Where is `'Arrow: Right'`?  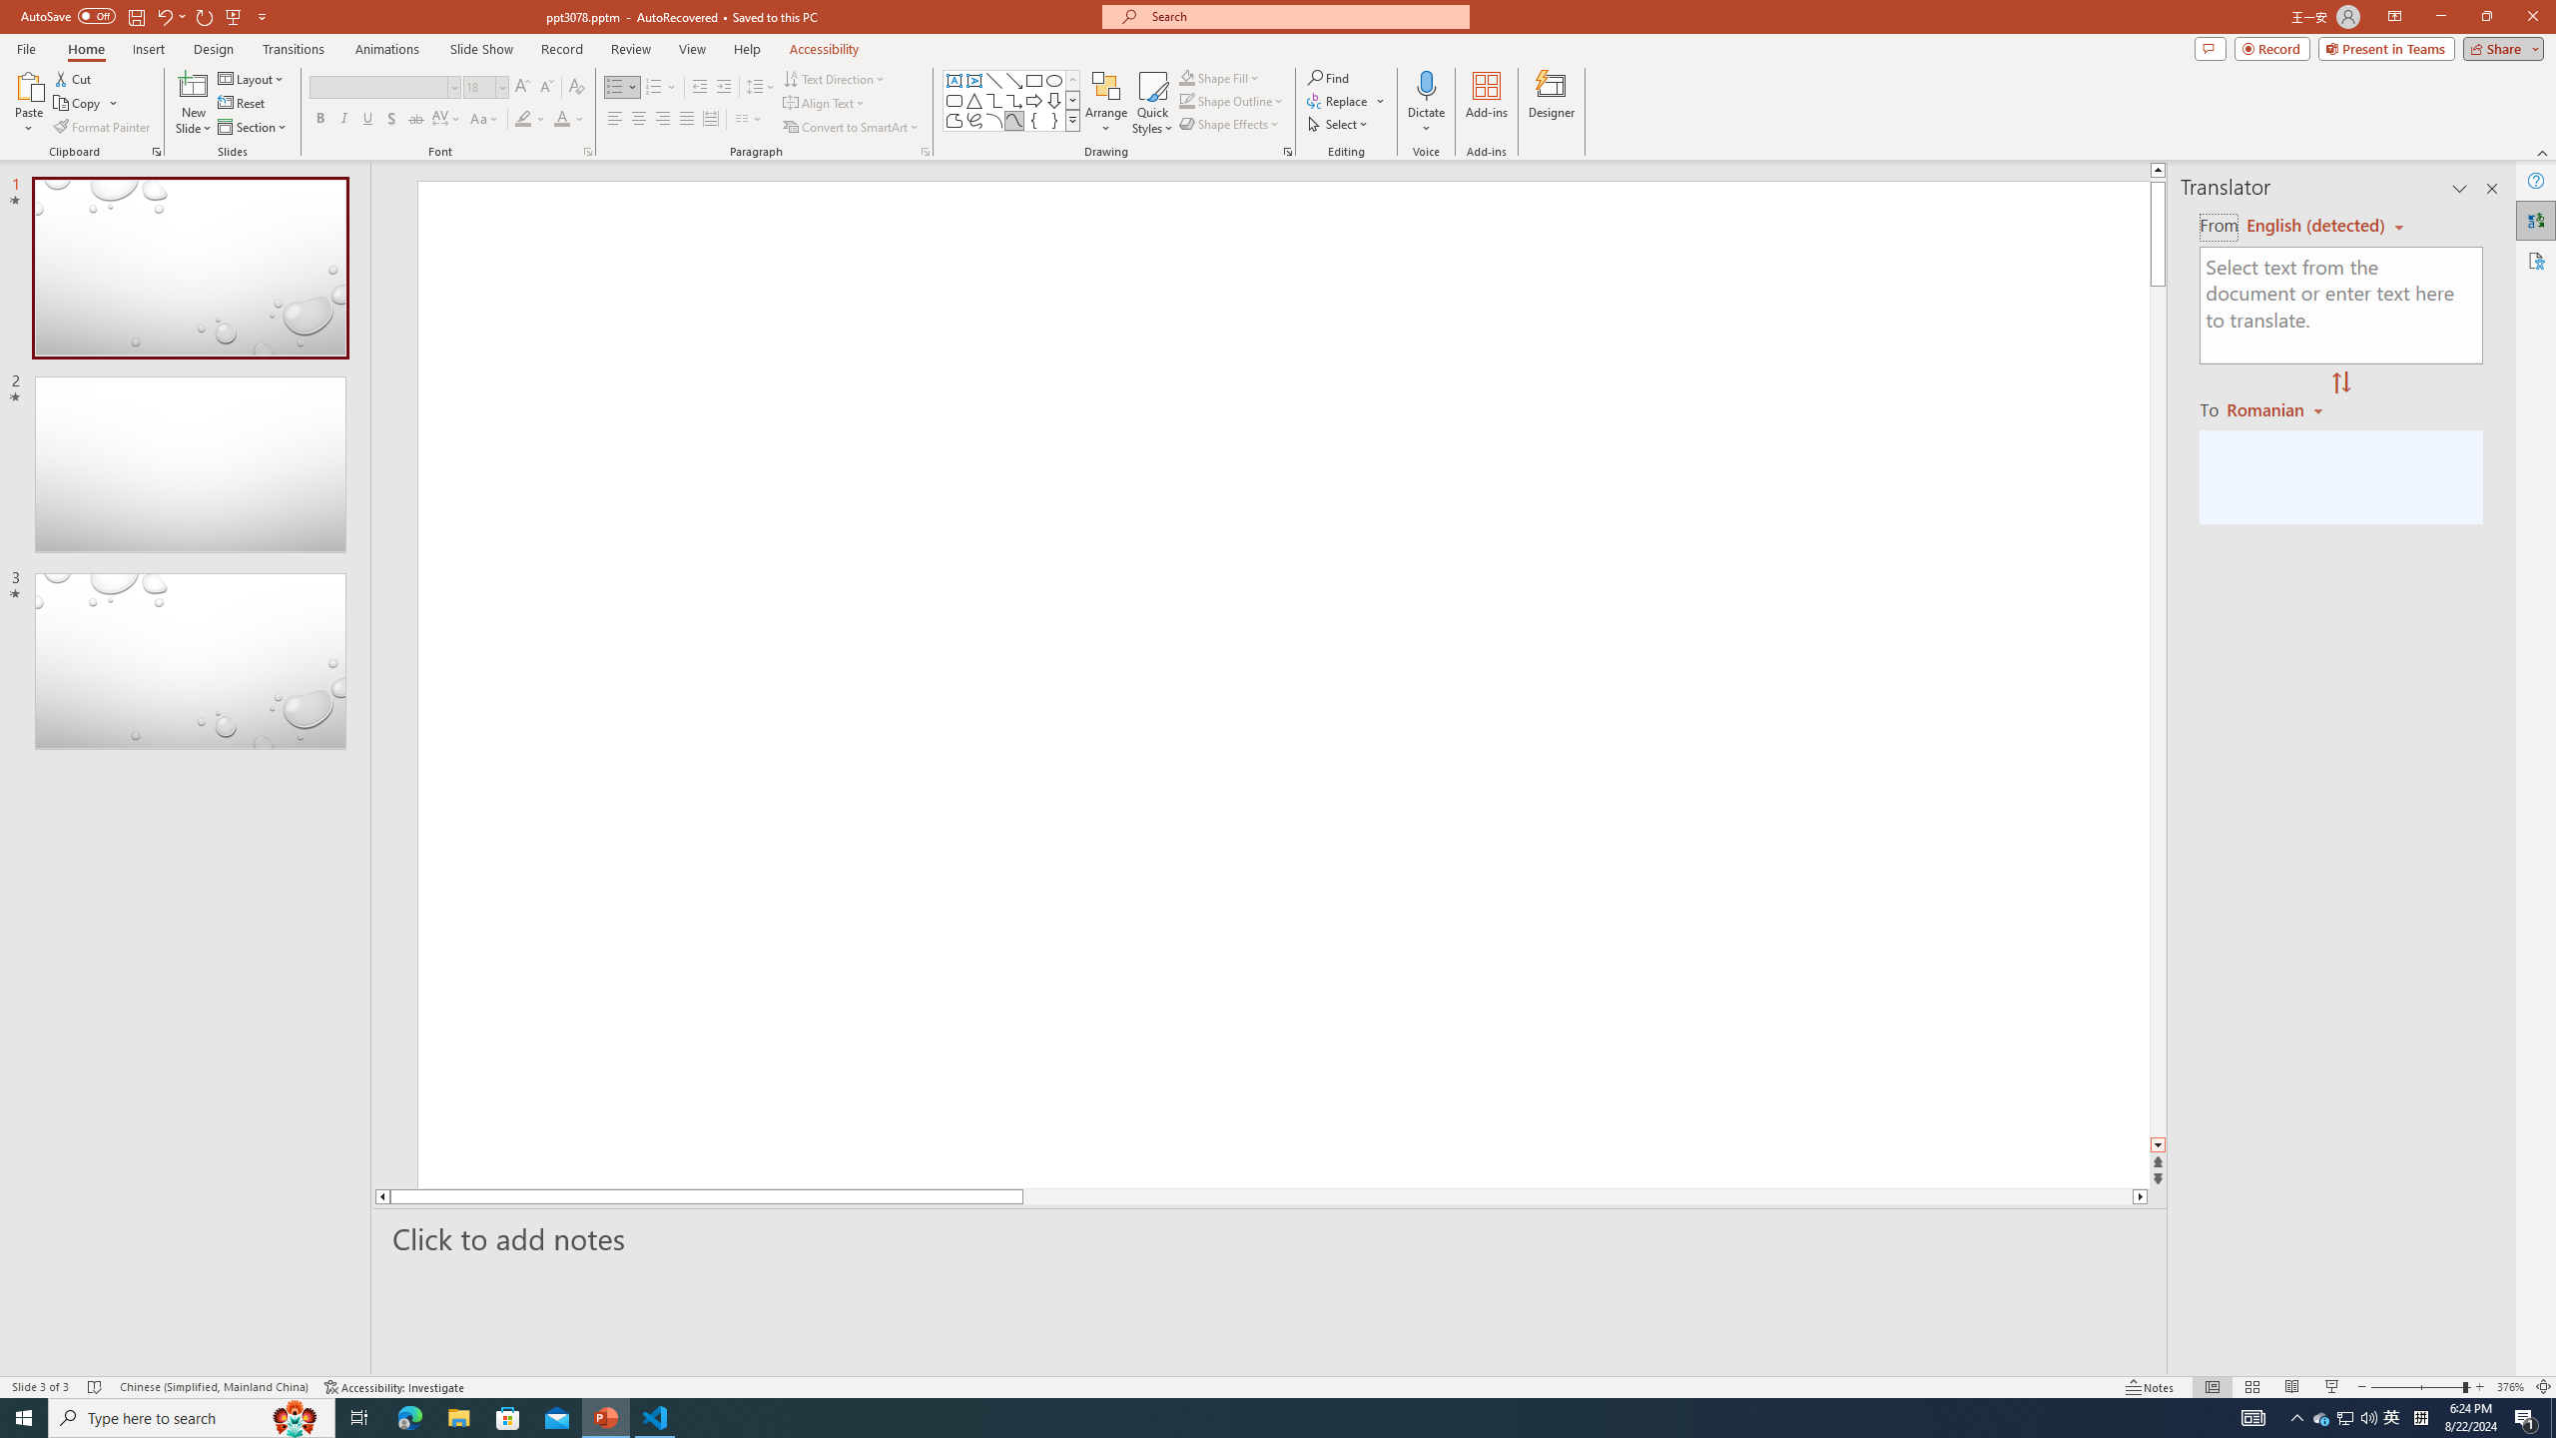 'Arrow: Right' is located at coordinates (1033, 99).